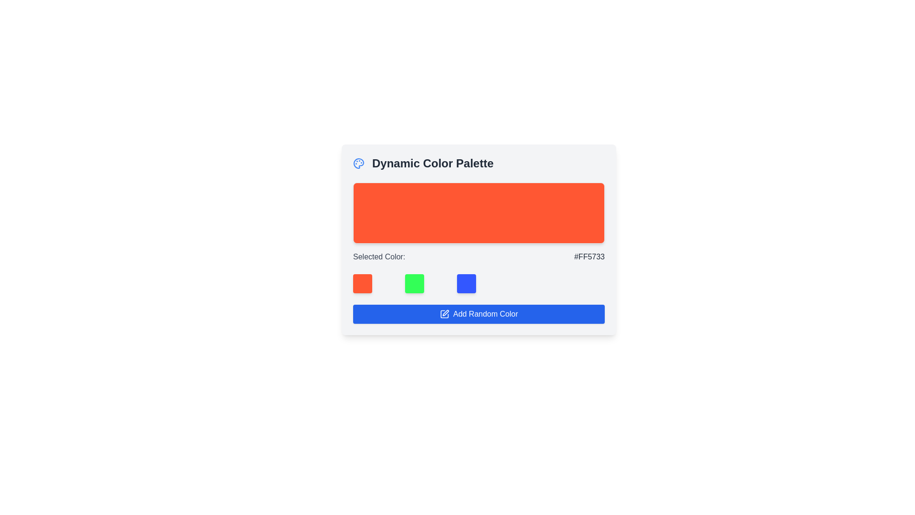 This screenshot has width=915, height=515. Describe the element at coordinates (362, 283) in the screenshot. I see `the first square color box with rounded corners and a solid orange color` at that location.